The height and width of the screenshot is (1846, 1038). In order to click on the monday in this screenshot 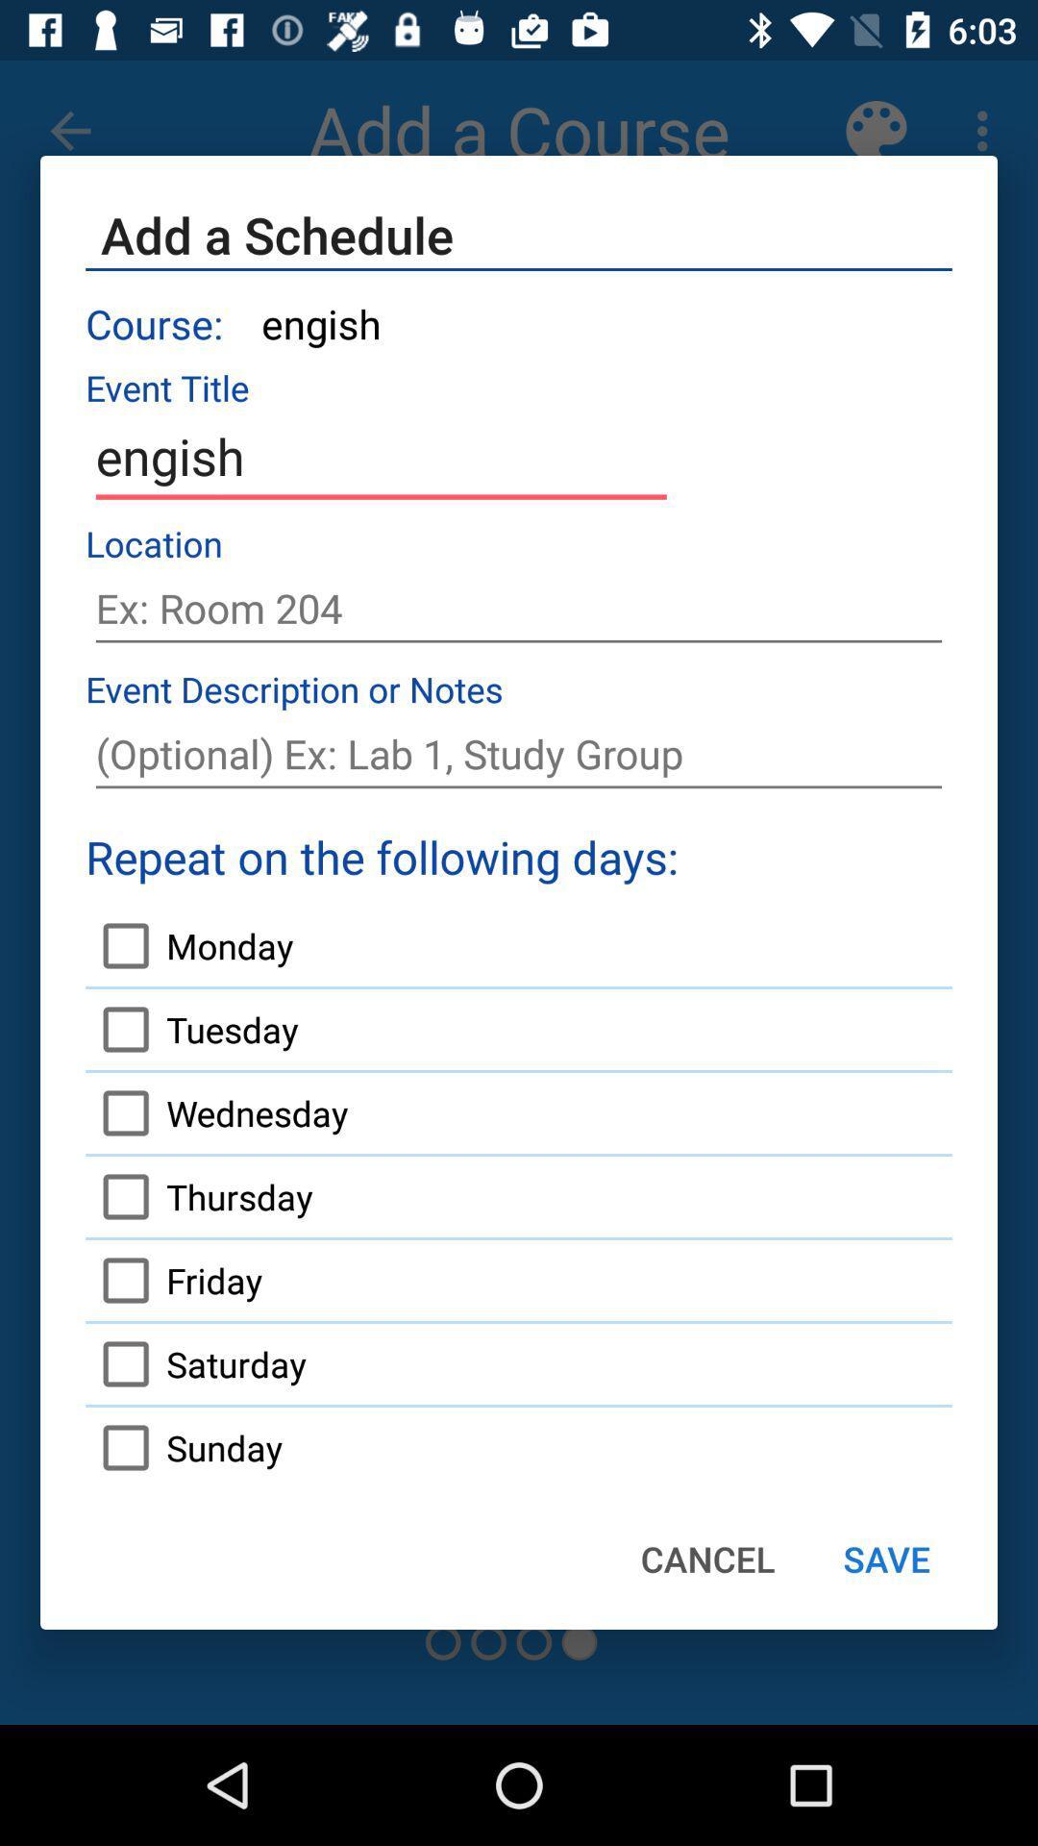, I will do `click(189, 945)`.